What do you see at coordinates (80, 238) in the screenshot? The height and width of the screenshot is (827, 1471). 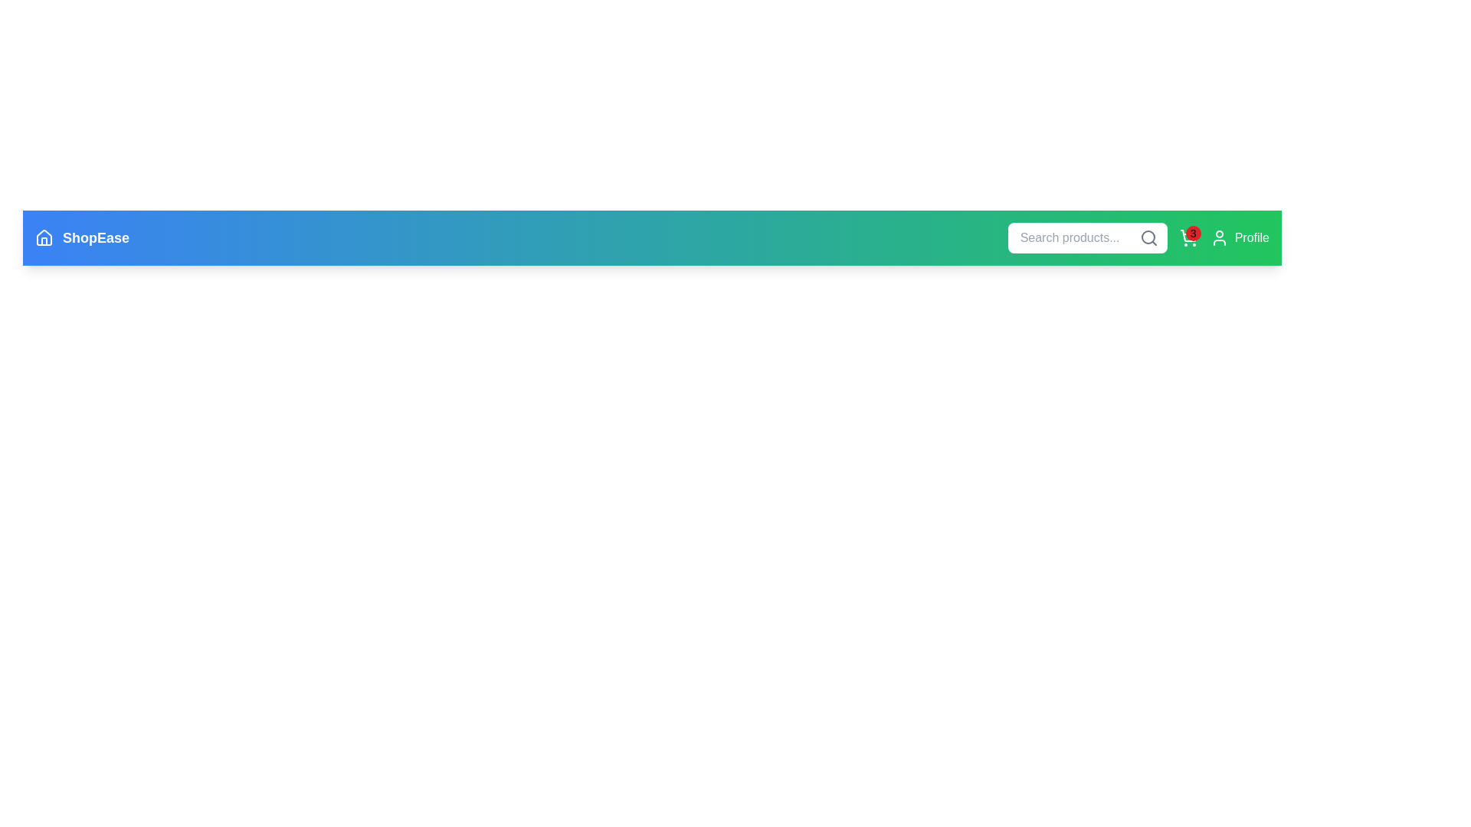 I see `the ShopEase logo to interact with the branding` at bounding box center [80, 238].